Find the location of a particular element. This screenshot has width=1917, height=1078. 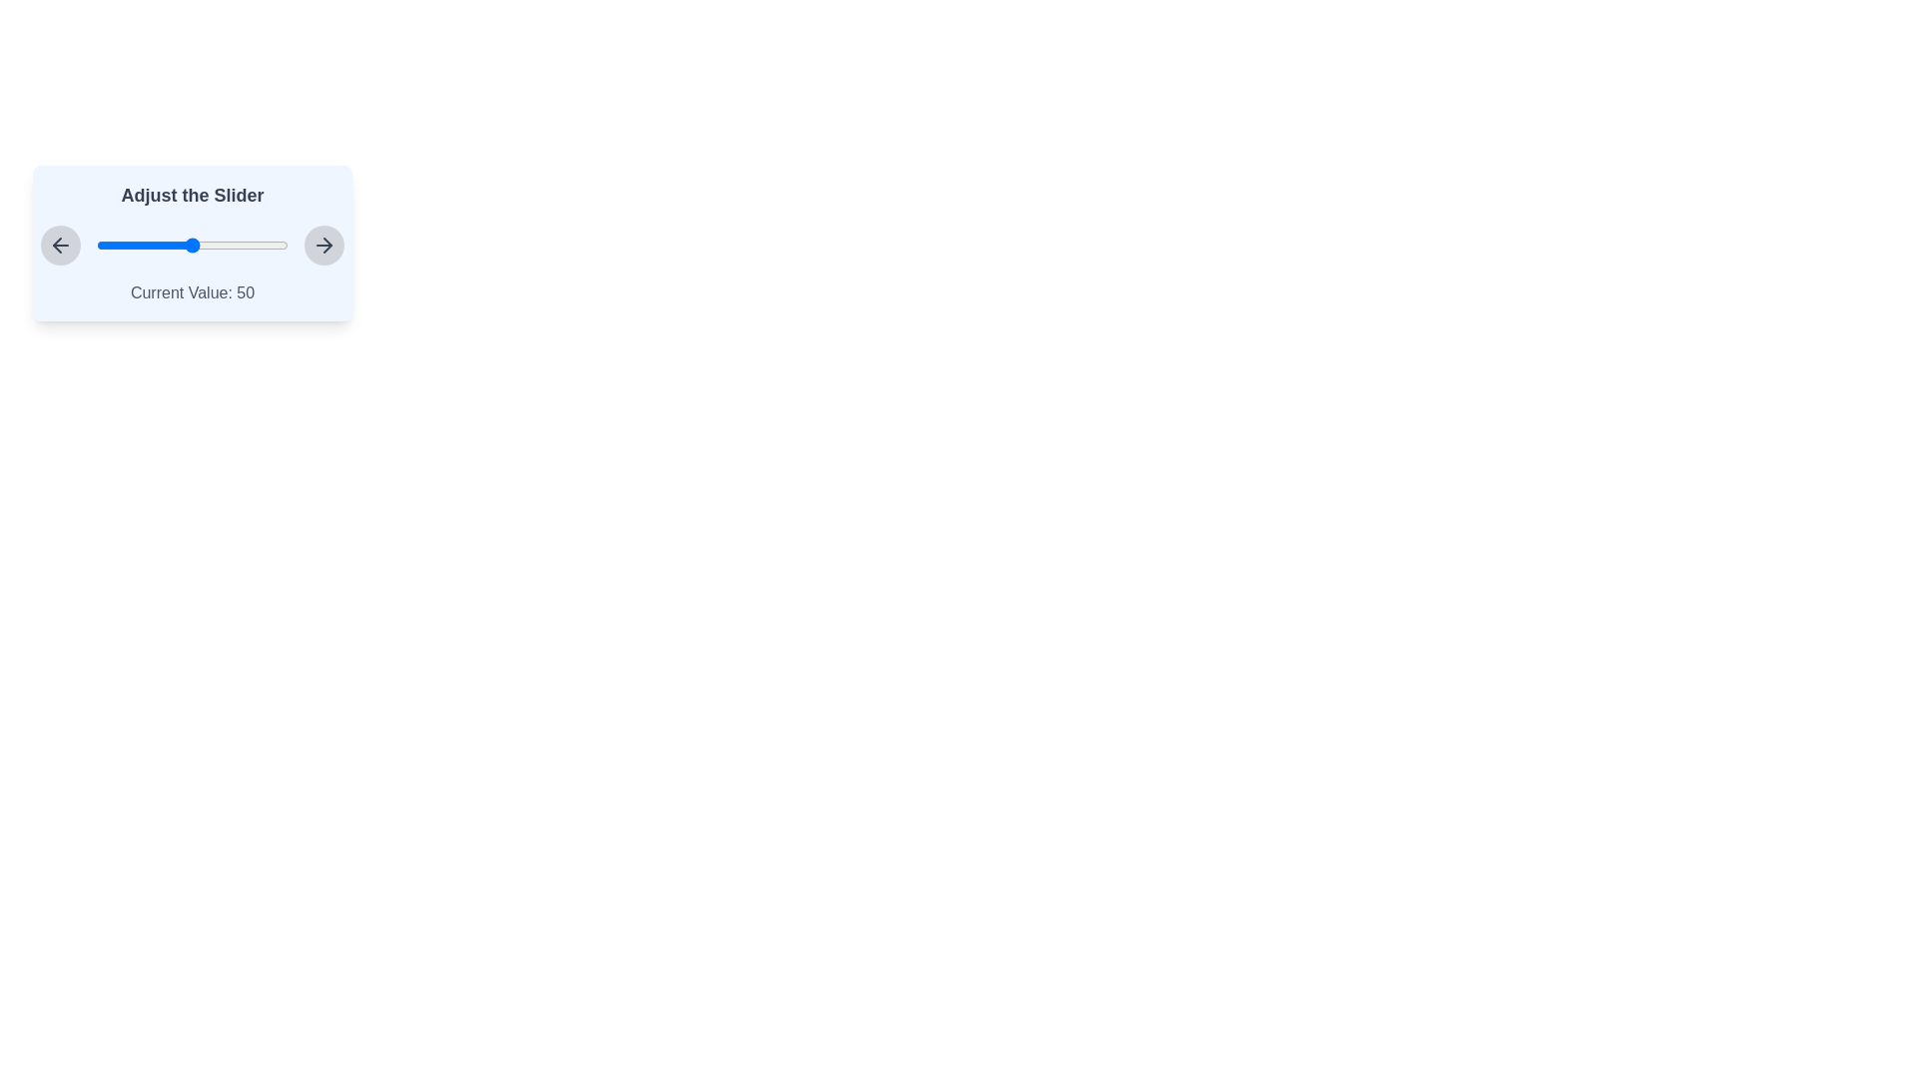

the circular button with a soft gray background and a left-pointing dark gray arrow icon is located at coordinates (61, 245).